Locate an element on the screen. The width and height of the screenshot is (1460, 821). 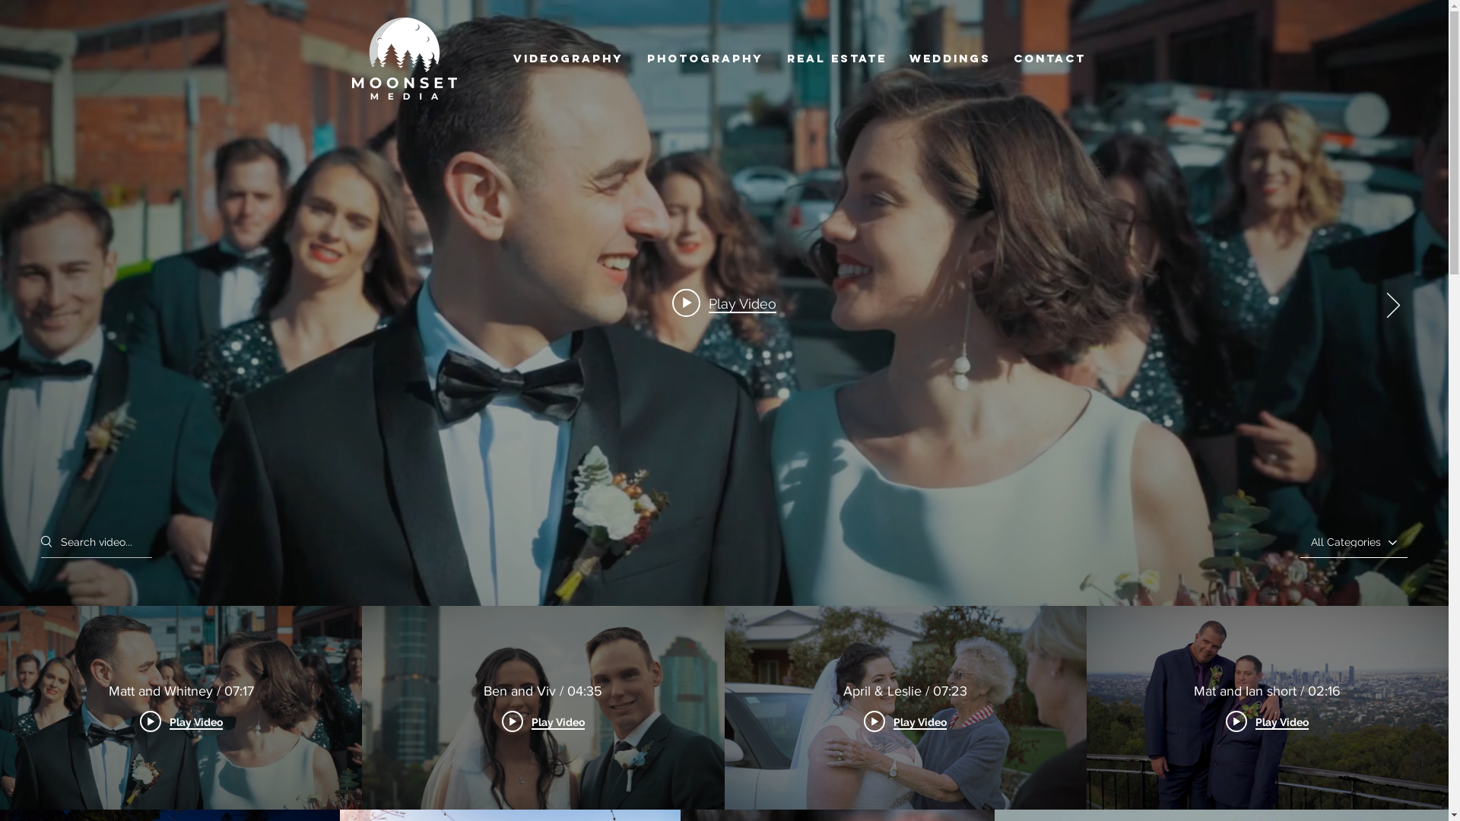
'Play Video' is located at coordinates (543, 720).